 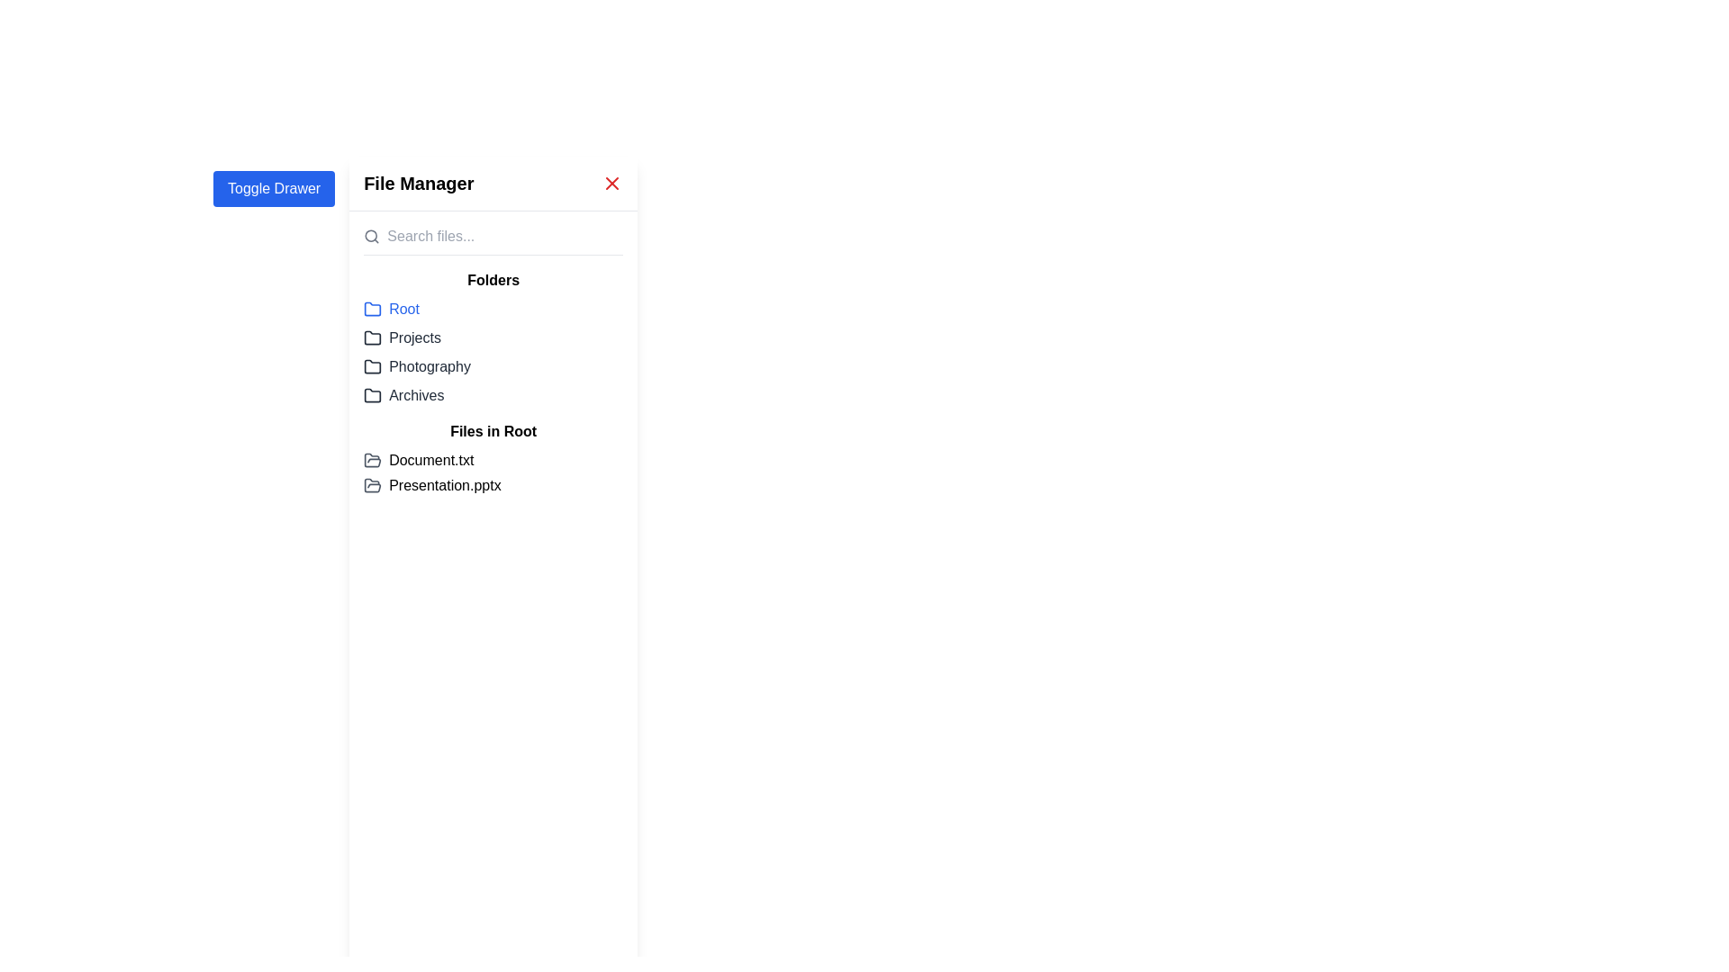 I want to click on the 'Photography' folder label, so click(x=429, y=366).